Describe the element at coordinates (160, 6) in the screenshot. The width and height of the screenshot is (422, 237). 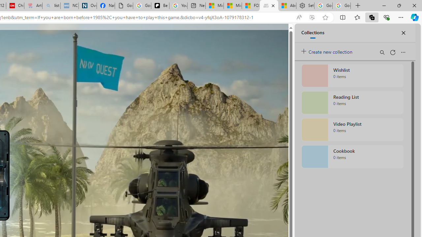
I see `'Be Smart | creating Science videos | Patreon'` at that location.